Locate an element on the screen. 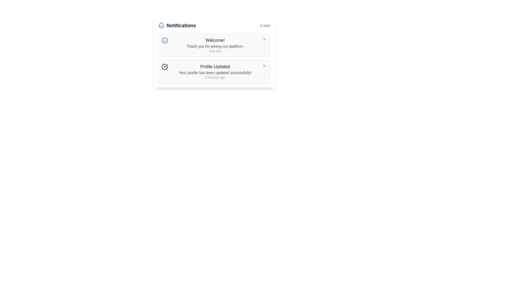 The height and width of the screenshot is (291, 517). text label that serves as a header for the notification message, positioned at the top-center of the notification layout is located at coordinates (215, 40).